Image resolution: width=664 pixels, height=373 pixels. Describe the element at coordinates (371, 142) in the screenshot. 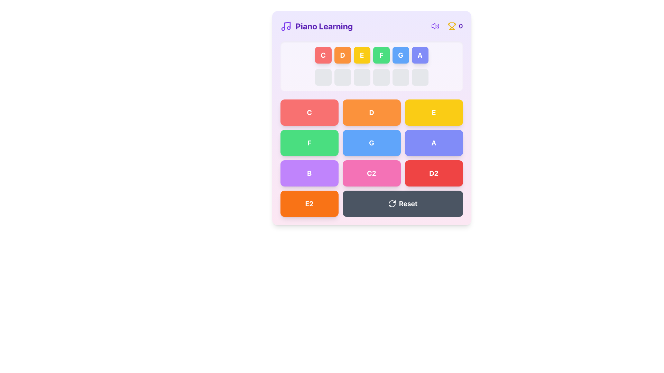

I see `the rectangular button with a blue background and white bold text displaying the character 'G'` at that location.